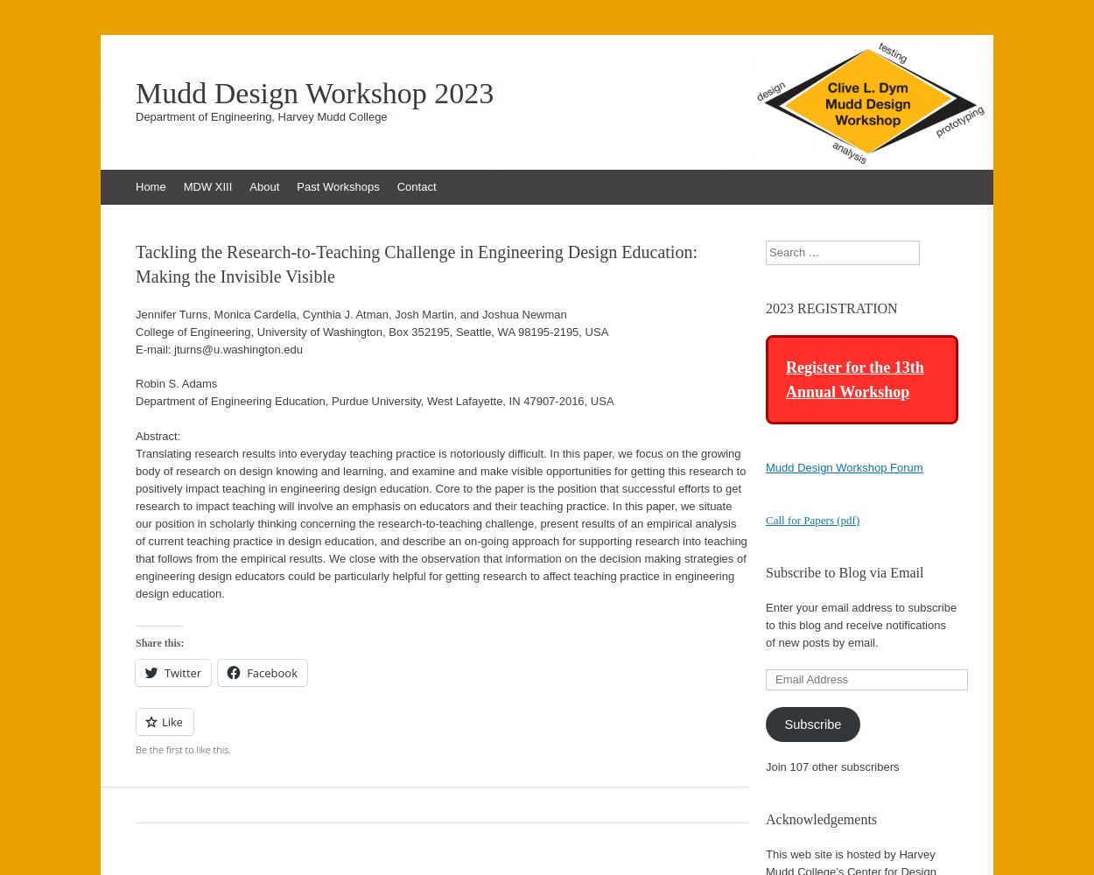 This screenshot has height=875, width=1094. What do you see at coordinates (831, 307) in the screenshot?
I see `'2023 REGISTRATION'` at bounding box center [831, 307].